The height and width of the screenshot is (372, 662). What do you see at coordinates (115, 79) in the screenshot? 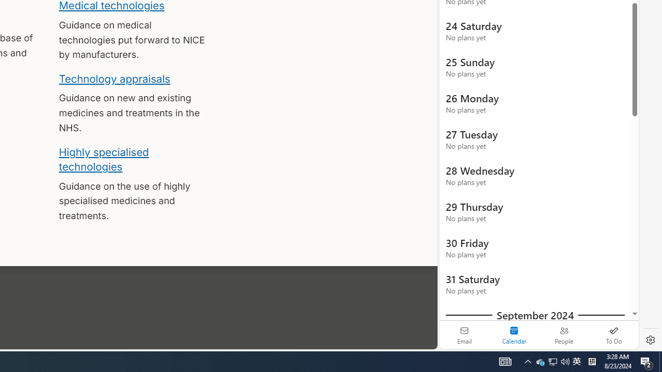
I see `'Technology appraisals'` at bounding box center [115, 79].